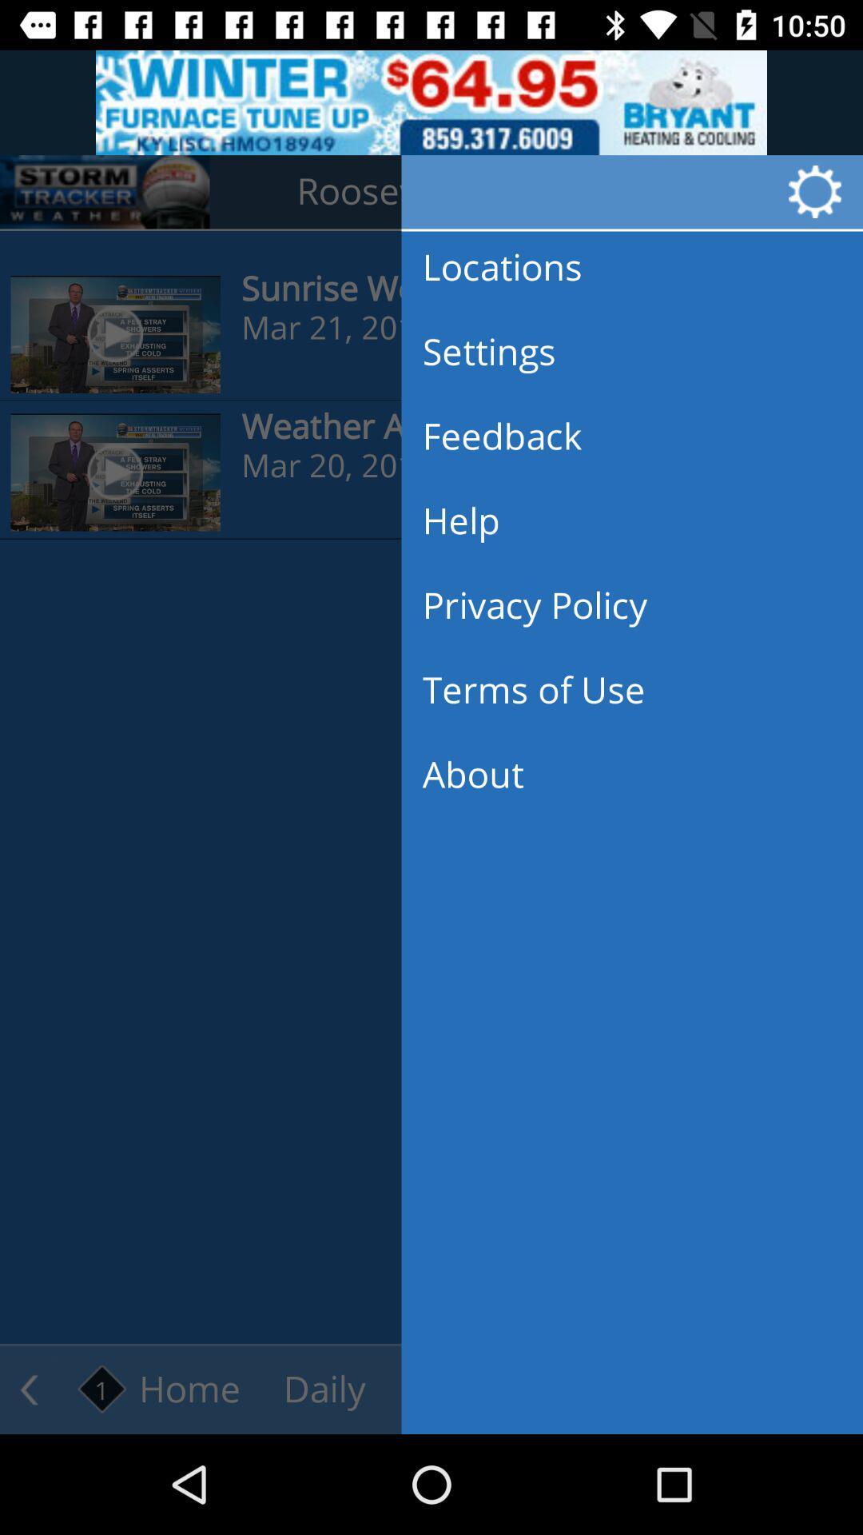 Image resolution: width=863 pixels, height=1535 pixels. What do you see at coordinates (160, 1389) in the screenshot?
I see `home button from down` at bounding box center [160, 1389].